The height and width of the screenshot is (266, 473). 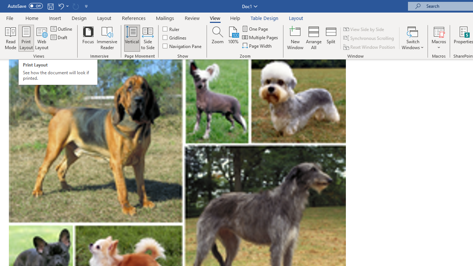 What do you see at coordinates (148, 38) in the screenshot?
I see `'Side to Side'` at bounding box center [148, 38].